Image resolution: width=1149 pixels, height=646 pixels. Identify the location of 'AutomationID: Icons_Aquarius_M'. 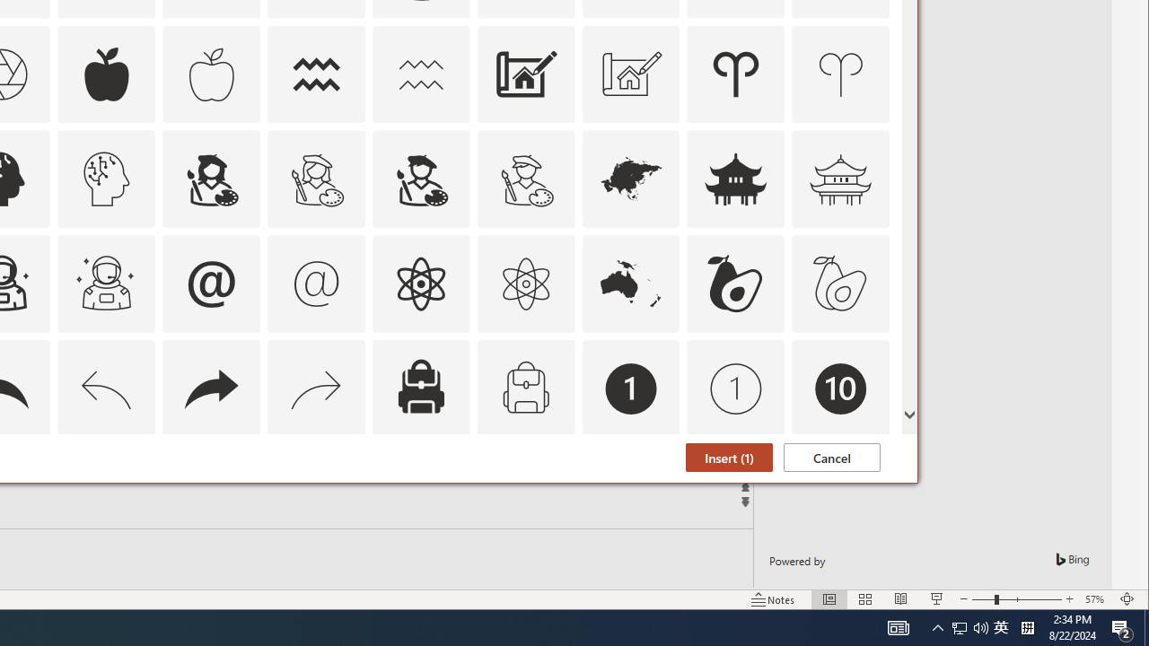
(420, 73).